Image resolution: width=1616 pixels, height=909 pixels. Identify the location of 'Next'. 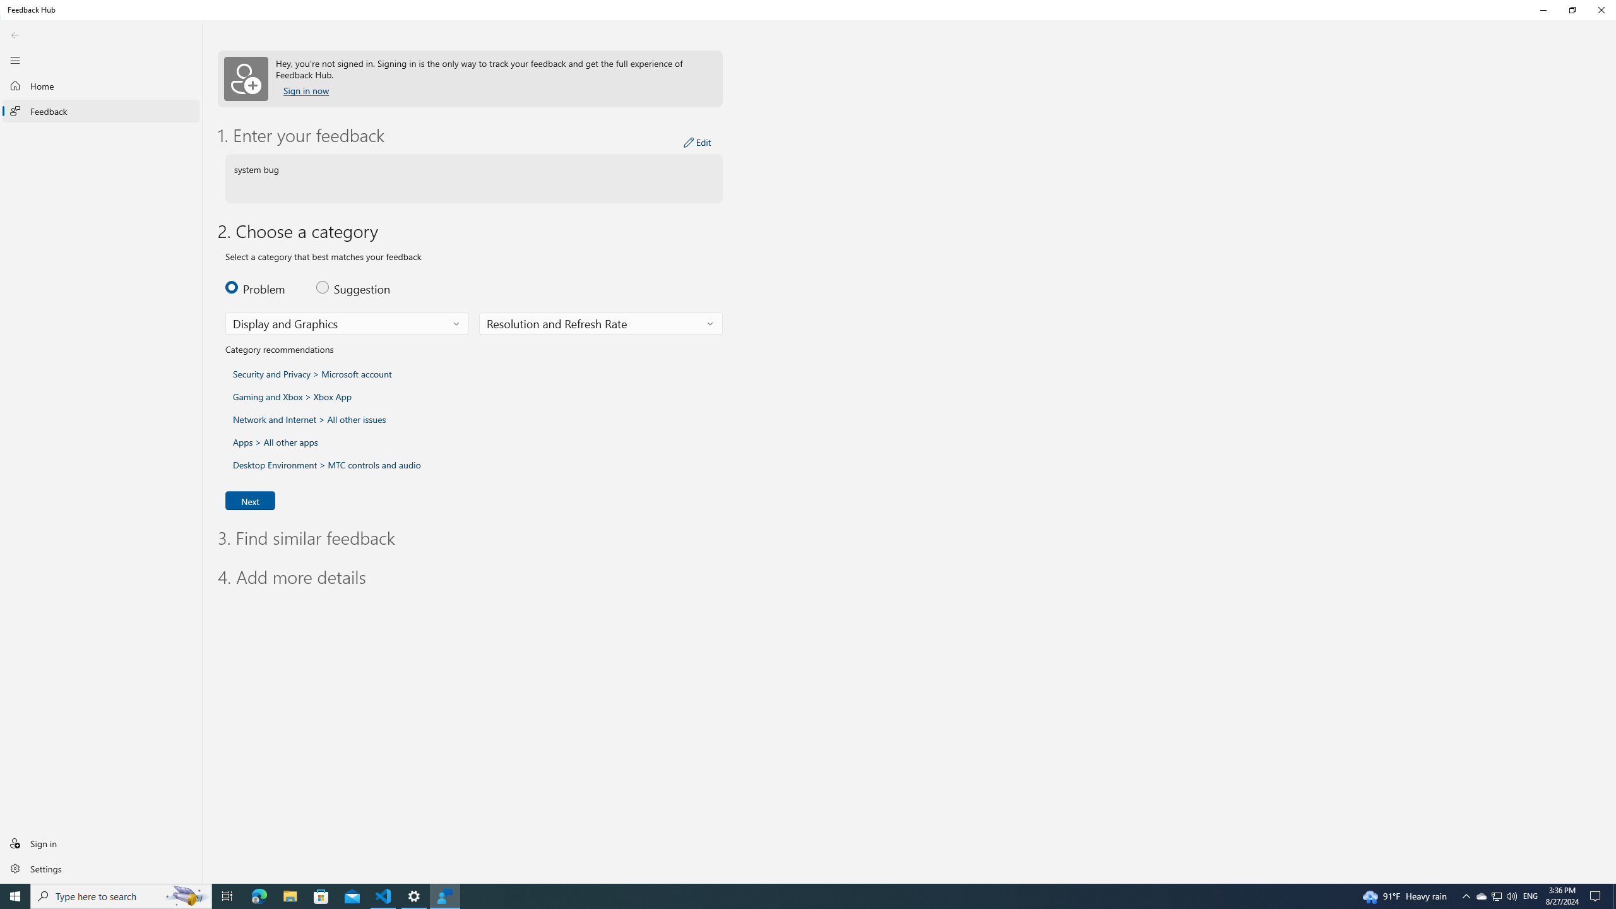
(249, 500).